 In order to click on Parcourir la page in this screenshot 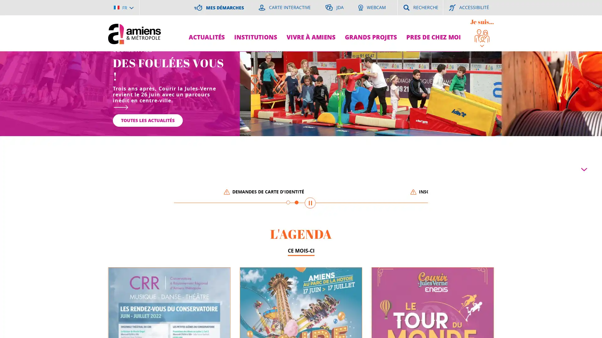, I will do `click(584, 239)`.